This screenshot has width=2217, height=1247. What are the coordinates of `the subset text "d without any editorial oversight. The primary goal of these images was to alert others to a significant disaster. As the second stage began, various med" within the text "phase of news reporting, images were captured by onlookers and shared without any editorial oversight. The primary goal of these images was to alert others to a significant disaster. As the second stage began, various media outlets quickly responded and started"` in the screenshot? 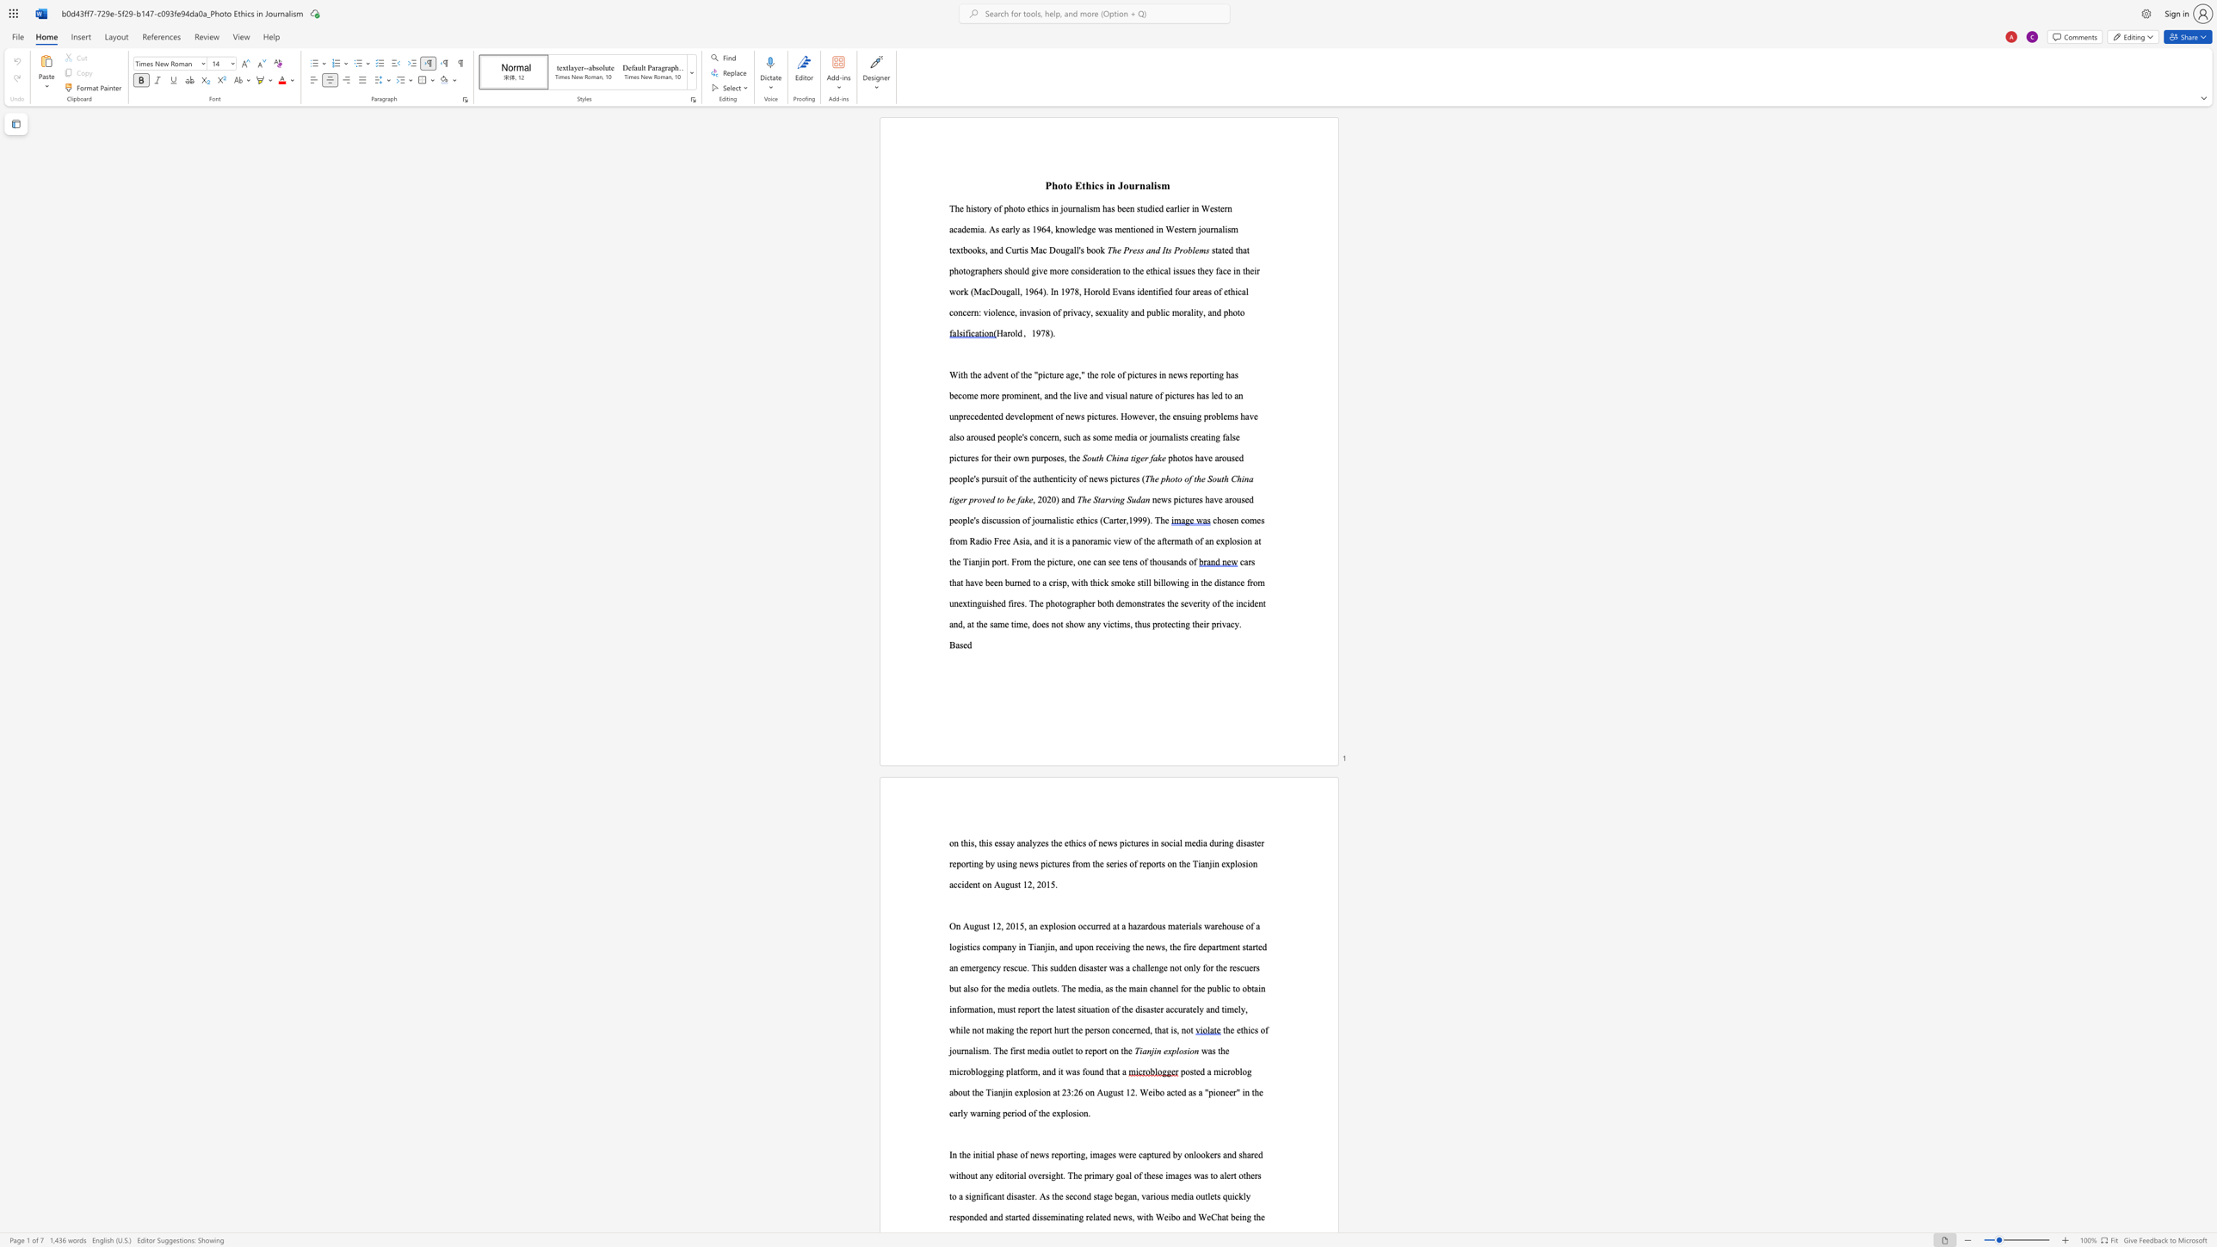 It's located at (1257, 1155).